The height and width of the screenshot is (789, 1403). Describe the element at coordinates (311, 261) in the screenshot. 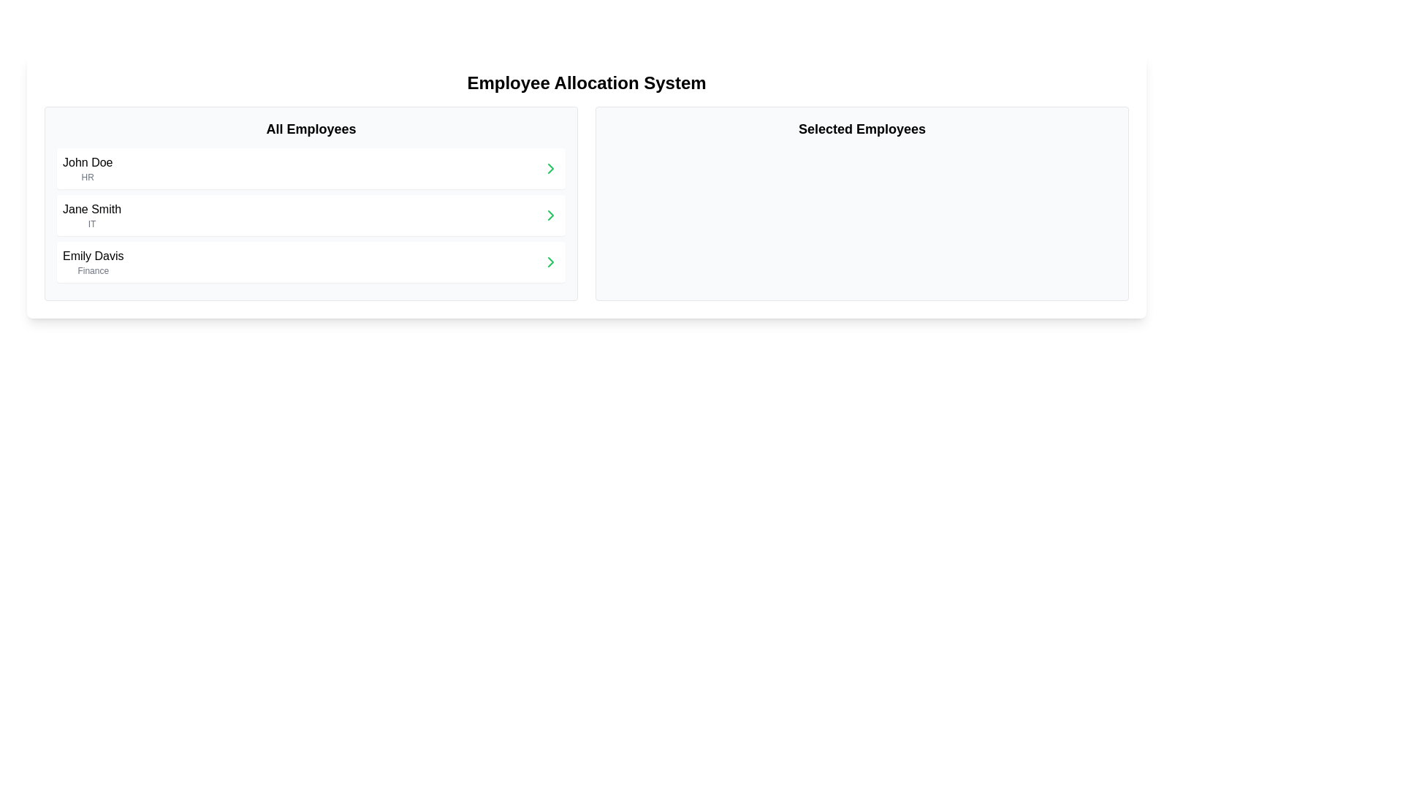

I see `the clickable list item representing employee Emily Davis in the Finance department` at that location.